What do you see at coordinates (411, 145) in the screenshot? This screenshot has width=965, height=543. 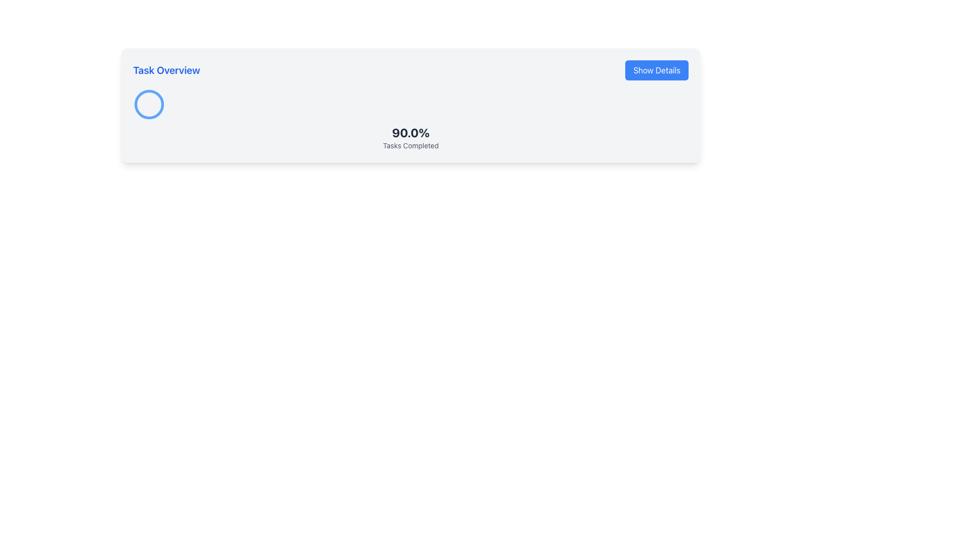 I see `the descriptive Text label that indicates the context of the percentage figure '90.0%' located below it` at bounding box center [411, 145].